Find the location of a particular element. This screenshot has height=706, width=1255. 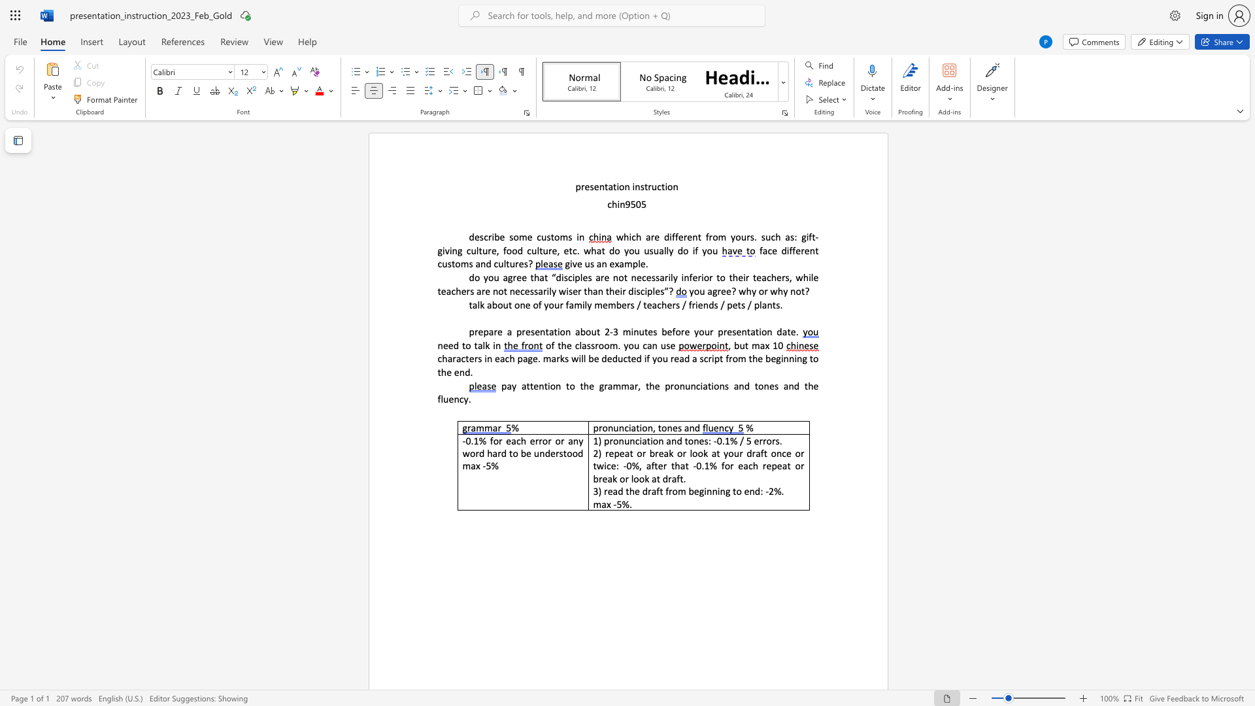

the subset text "room. you ca" within the text "of the classroom. you can use" is located at coordinates (594, 345).